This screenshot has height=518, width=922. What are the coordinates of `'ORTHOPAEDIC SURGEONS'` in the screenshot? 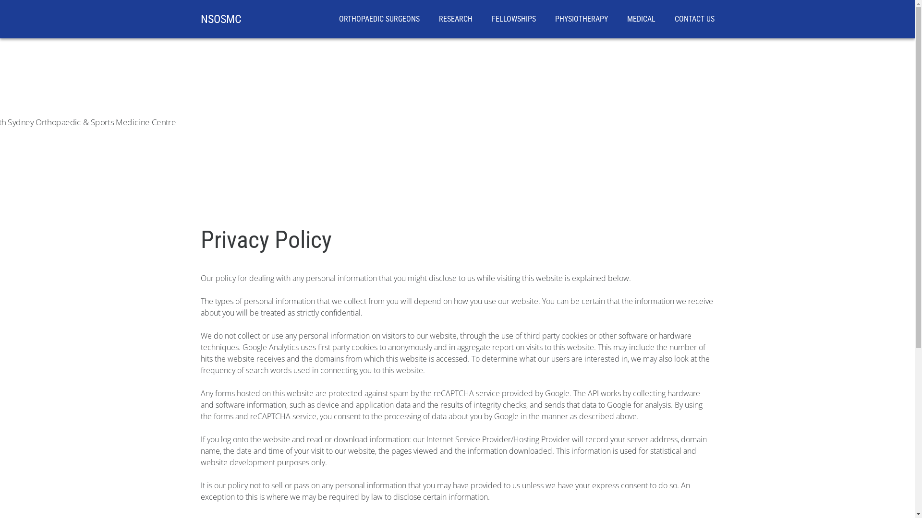 It's located at (379, 19).